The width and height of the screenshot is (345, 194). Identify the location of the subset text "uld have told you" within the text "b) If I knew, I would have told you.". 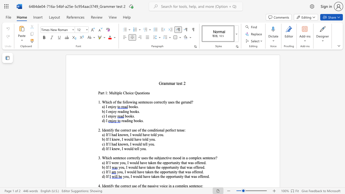
(128, 139).